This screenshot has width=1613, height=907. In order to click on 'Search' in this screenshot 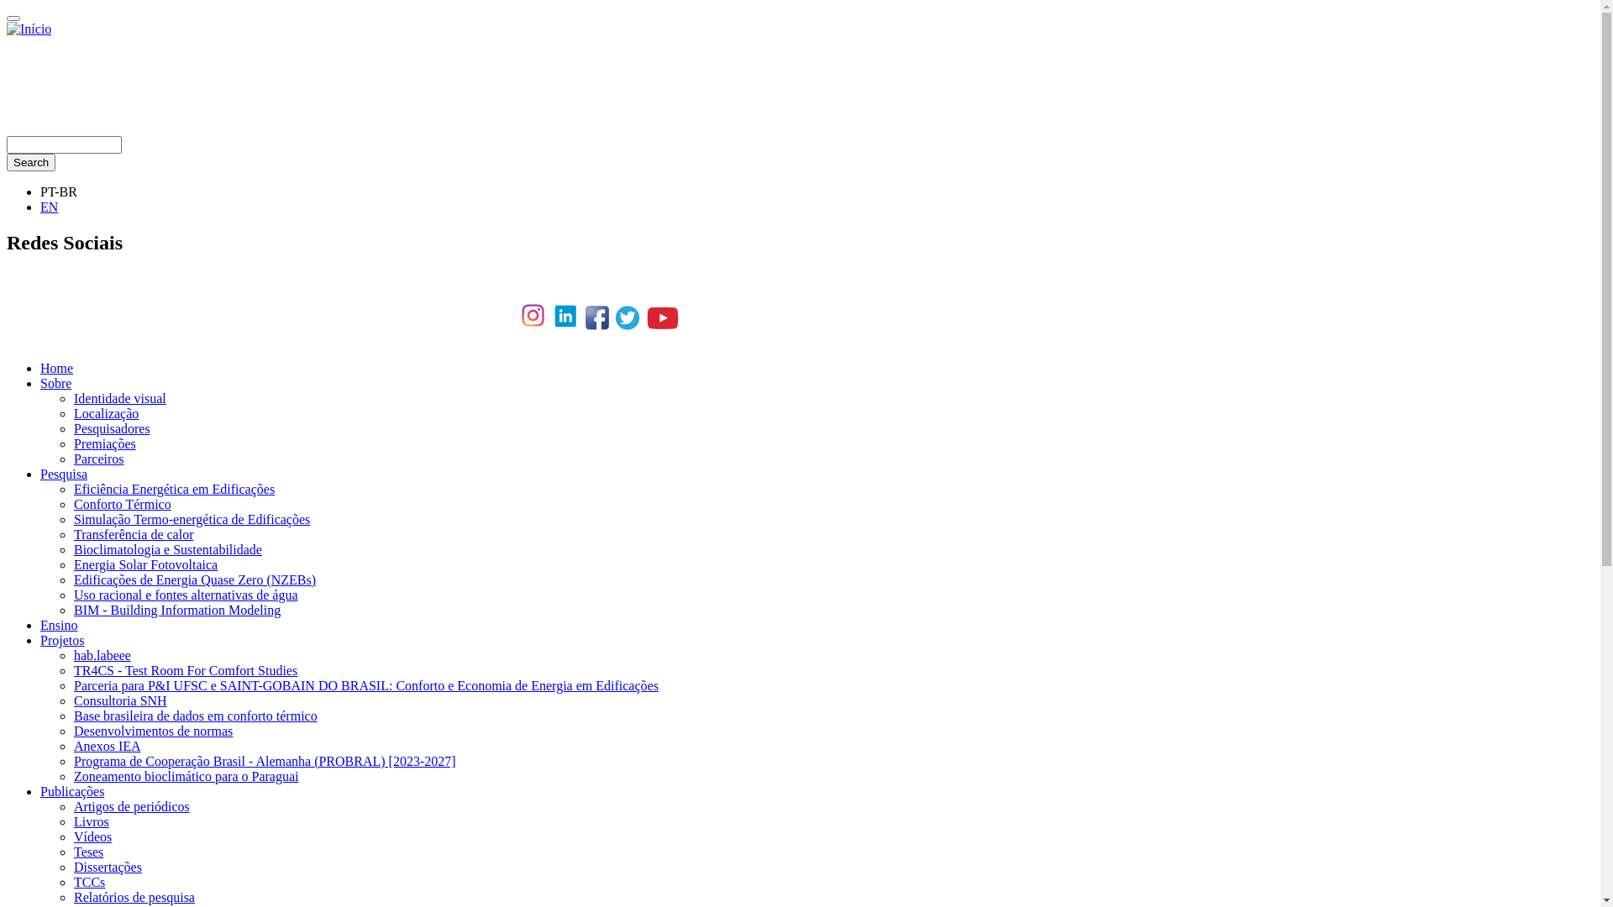, I will do `click(31, 162)`.